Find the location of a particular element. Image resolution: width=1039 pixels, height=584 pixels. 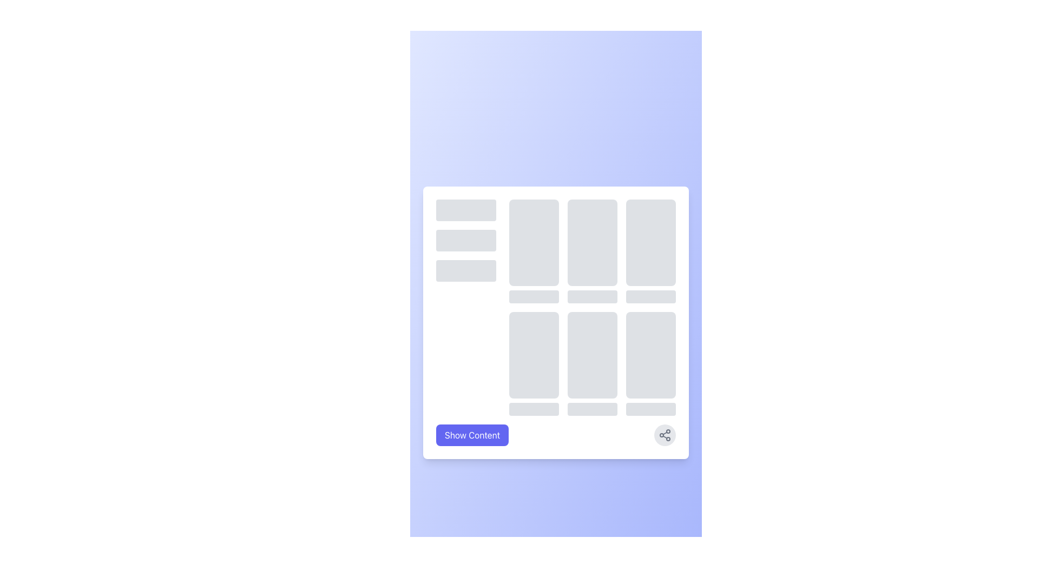

the topmost gray rectangular Placeholder/Skeleton Loader component, which has rounded corners and is located within a column of three identical elements is located at coordinates (466, 210).